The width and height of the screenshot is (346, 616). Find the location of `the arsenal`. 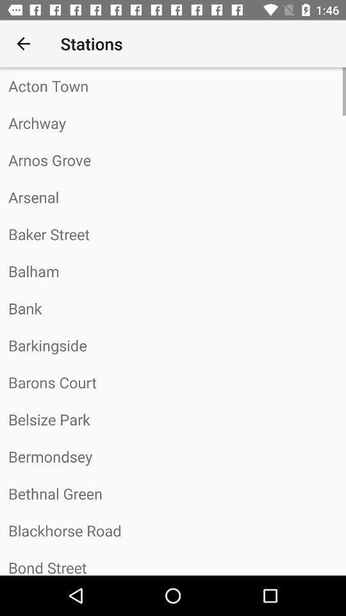

the arsenal is located at coordinates (173, 197).